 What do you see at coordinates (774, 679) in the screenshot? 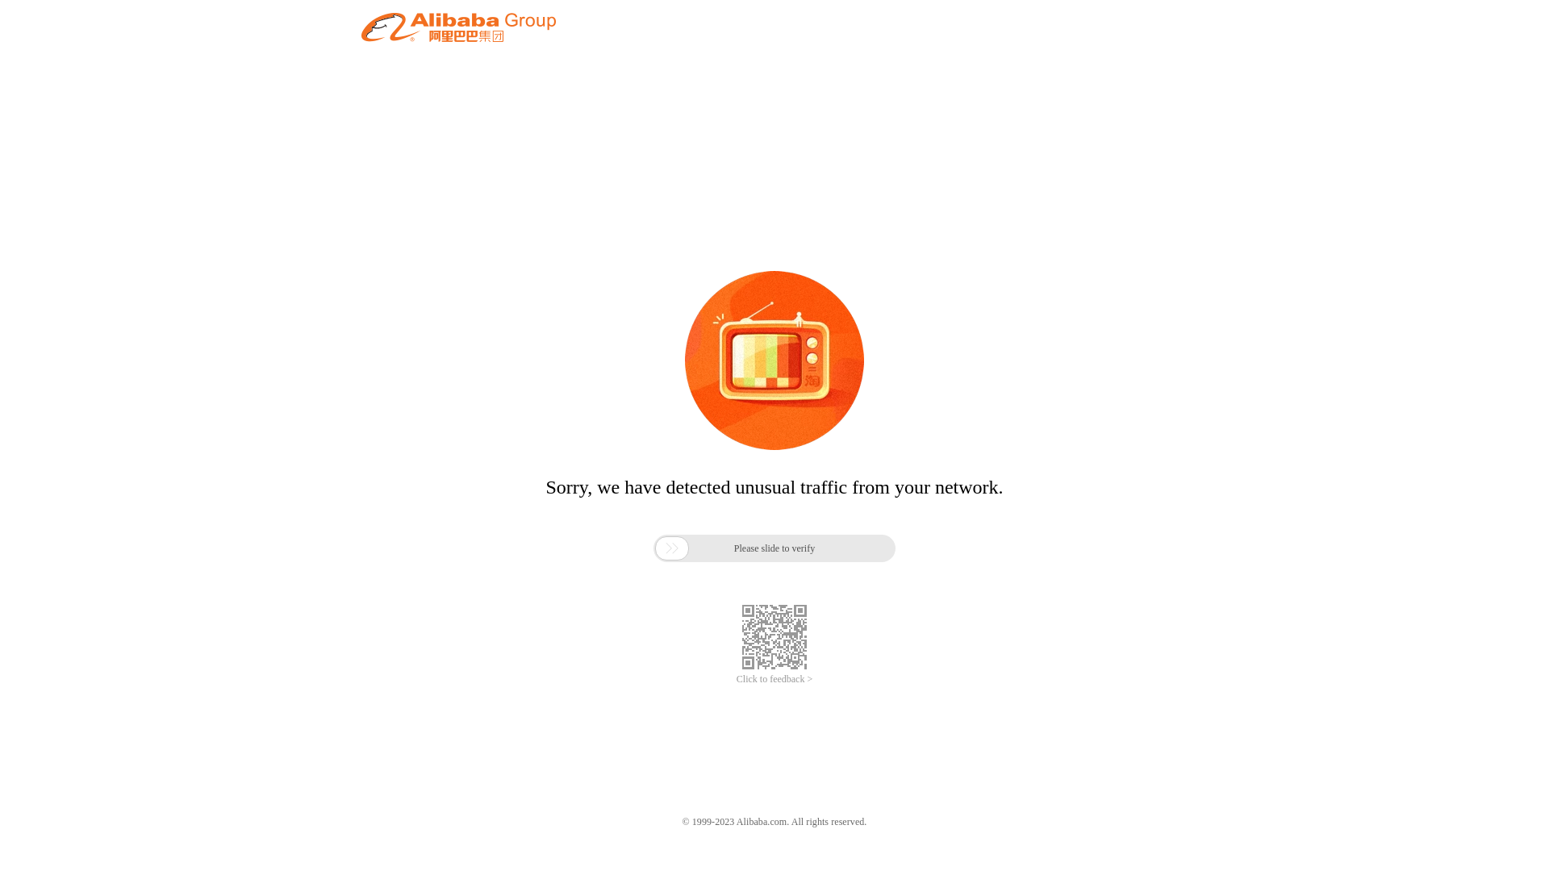
I see `'Click to feedback >'` at bounding box center [774, 679].